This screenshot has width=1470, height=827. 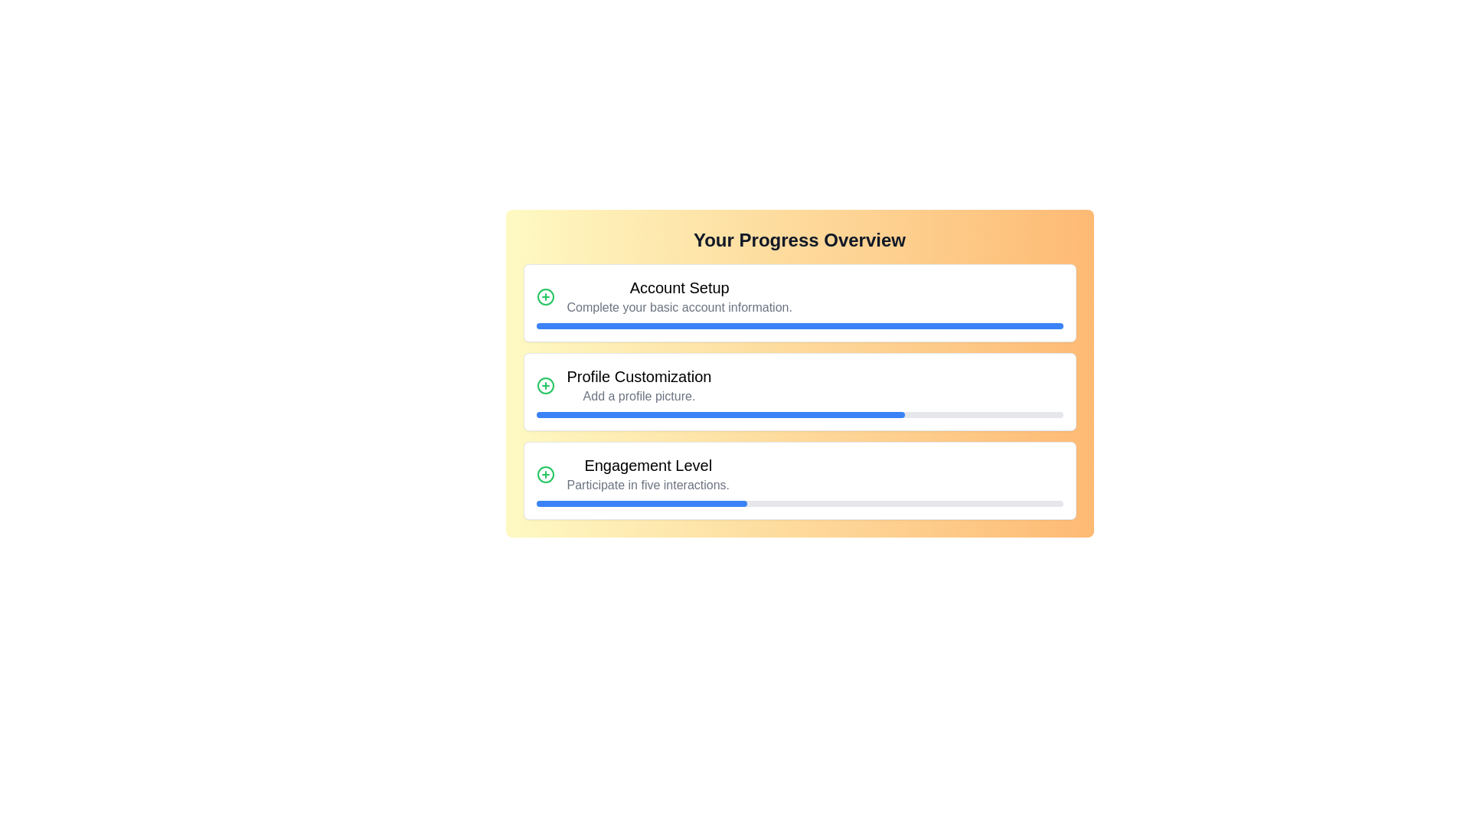 What do you see at coordinates (639, 385) in the screenshot?
I see `descriptive label in the progress-tracking interface that informs the user about the 'Profile Customization' task and adding a profile picture, located beneath the 'Account Setup' section` at bounding box center [639, 385].